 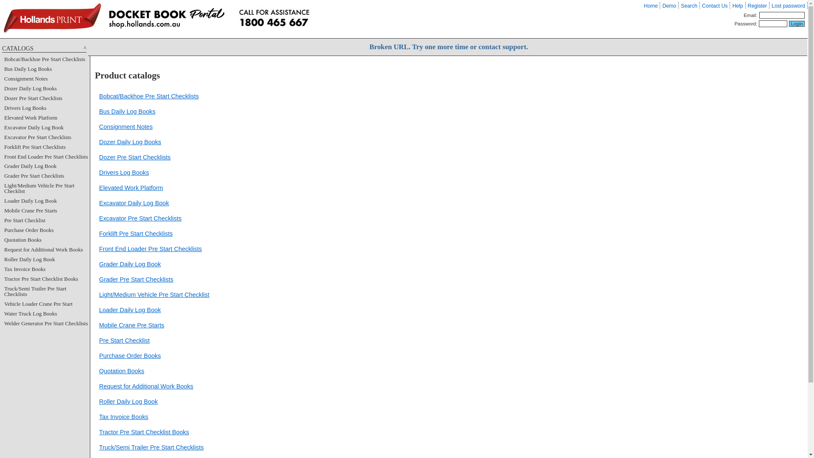 I want to click on 'Roller Daily Log Book', so click(x=128, y=401).